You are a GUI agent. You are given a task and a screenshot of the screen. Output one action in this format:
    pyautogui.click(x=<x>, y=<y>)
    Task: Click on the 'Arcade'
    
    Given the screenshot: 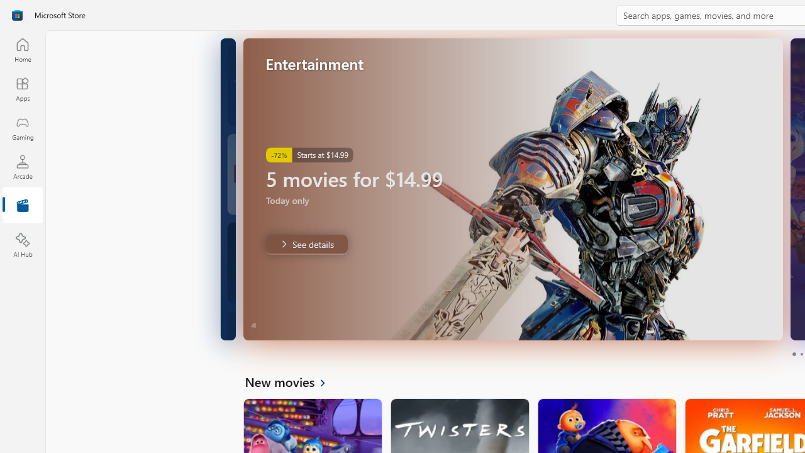 What is the action you would take?
    pyautogui.click(x=22, y=166)
    